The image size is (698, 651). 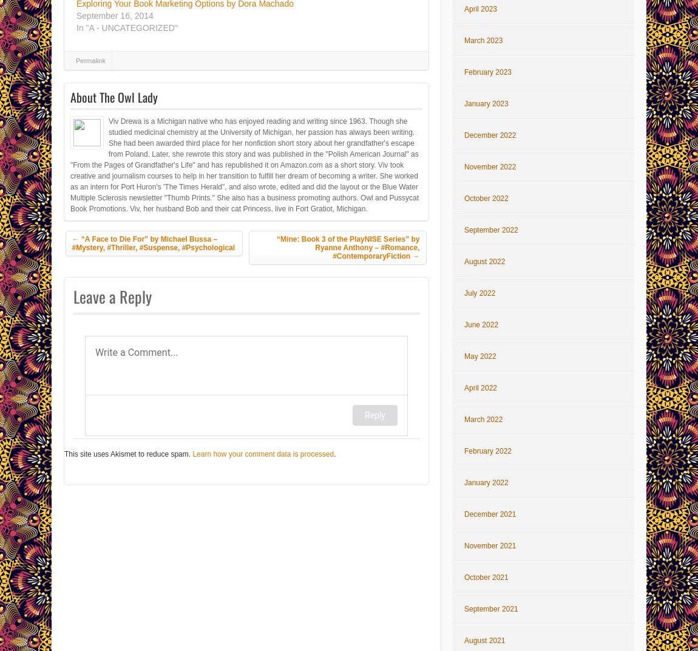 I want to click on 'July 2022', so click(x=463, y=293).